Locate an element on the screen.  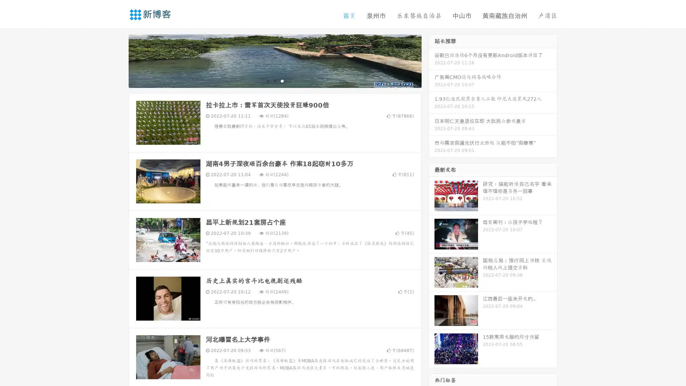
Previous slide is located at coordinates (118, 60).